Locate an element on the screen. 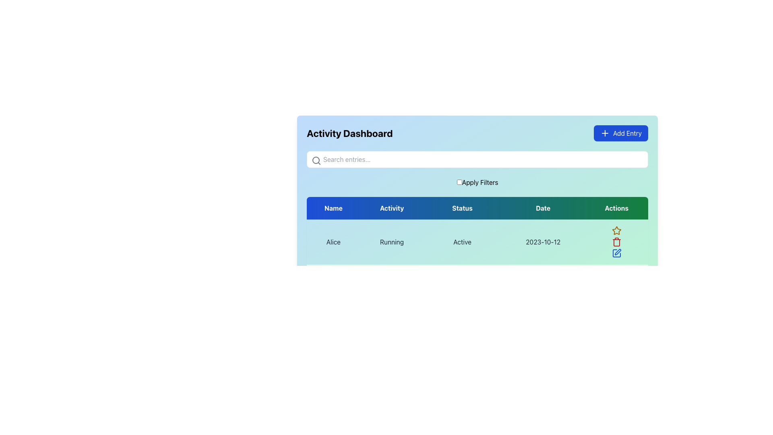 The width and height of the screenshot is (773, 435). the icon located to the left of the text label within the 'Add Entry' button in the top-right corner of the interface is located at coordinates (605, 133).